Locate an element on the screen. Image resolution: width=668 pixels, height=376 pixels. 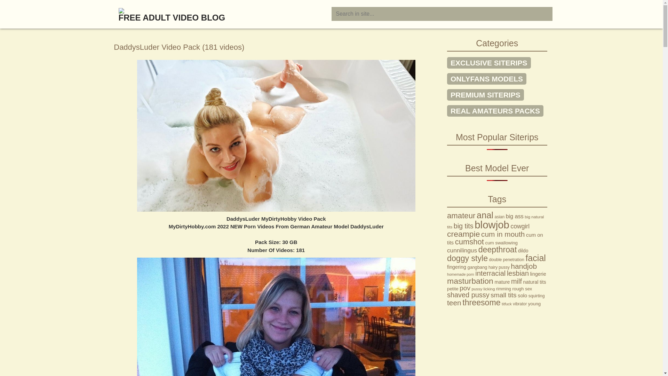
'solo' is located at coordinates (522, 295).